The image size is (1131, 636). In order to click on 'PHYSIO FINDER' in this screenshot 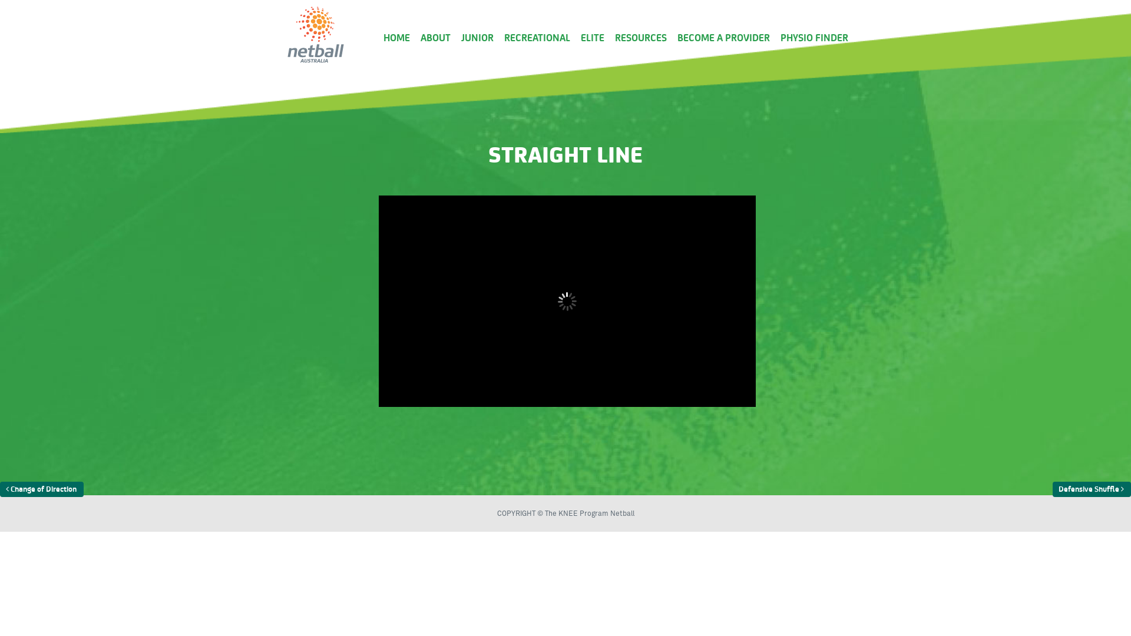, I will do `click(808, 37)`.